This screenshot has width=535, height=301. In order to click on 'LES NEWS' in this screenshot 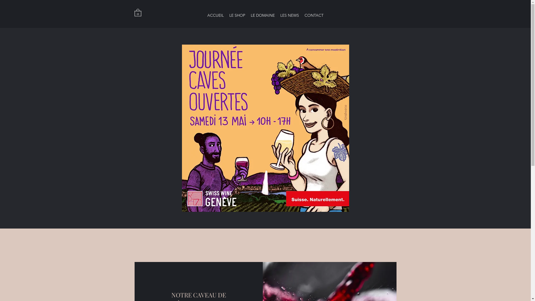, I will do `click(290, 15)`.